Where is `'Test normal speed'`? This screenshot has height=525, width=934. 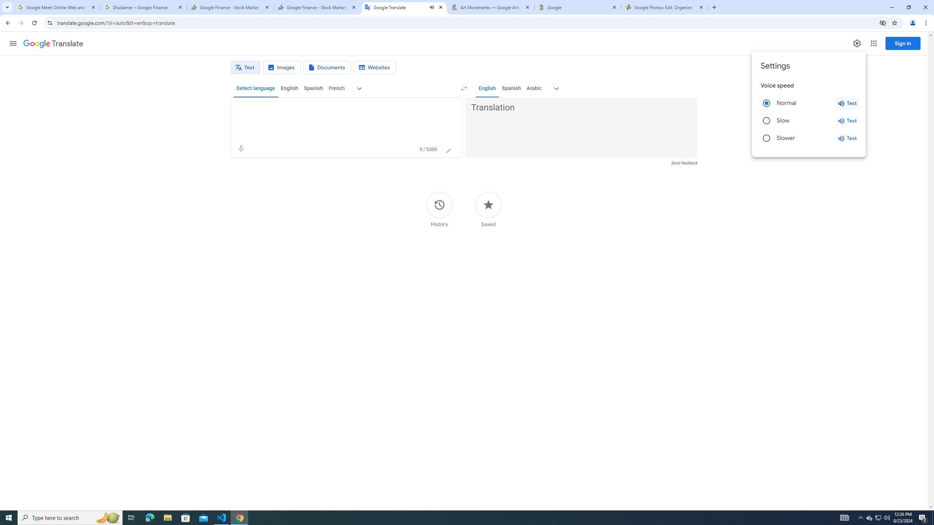
'Test normal speed' is located at coordinates (846, 103).